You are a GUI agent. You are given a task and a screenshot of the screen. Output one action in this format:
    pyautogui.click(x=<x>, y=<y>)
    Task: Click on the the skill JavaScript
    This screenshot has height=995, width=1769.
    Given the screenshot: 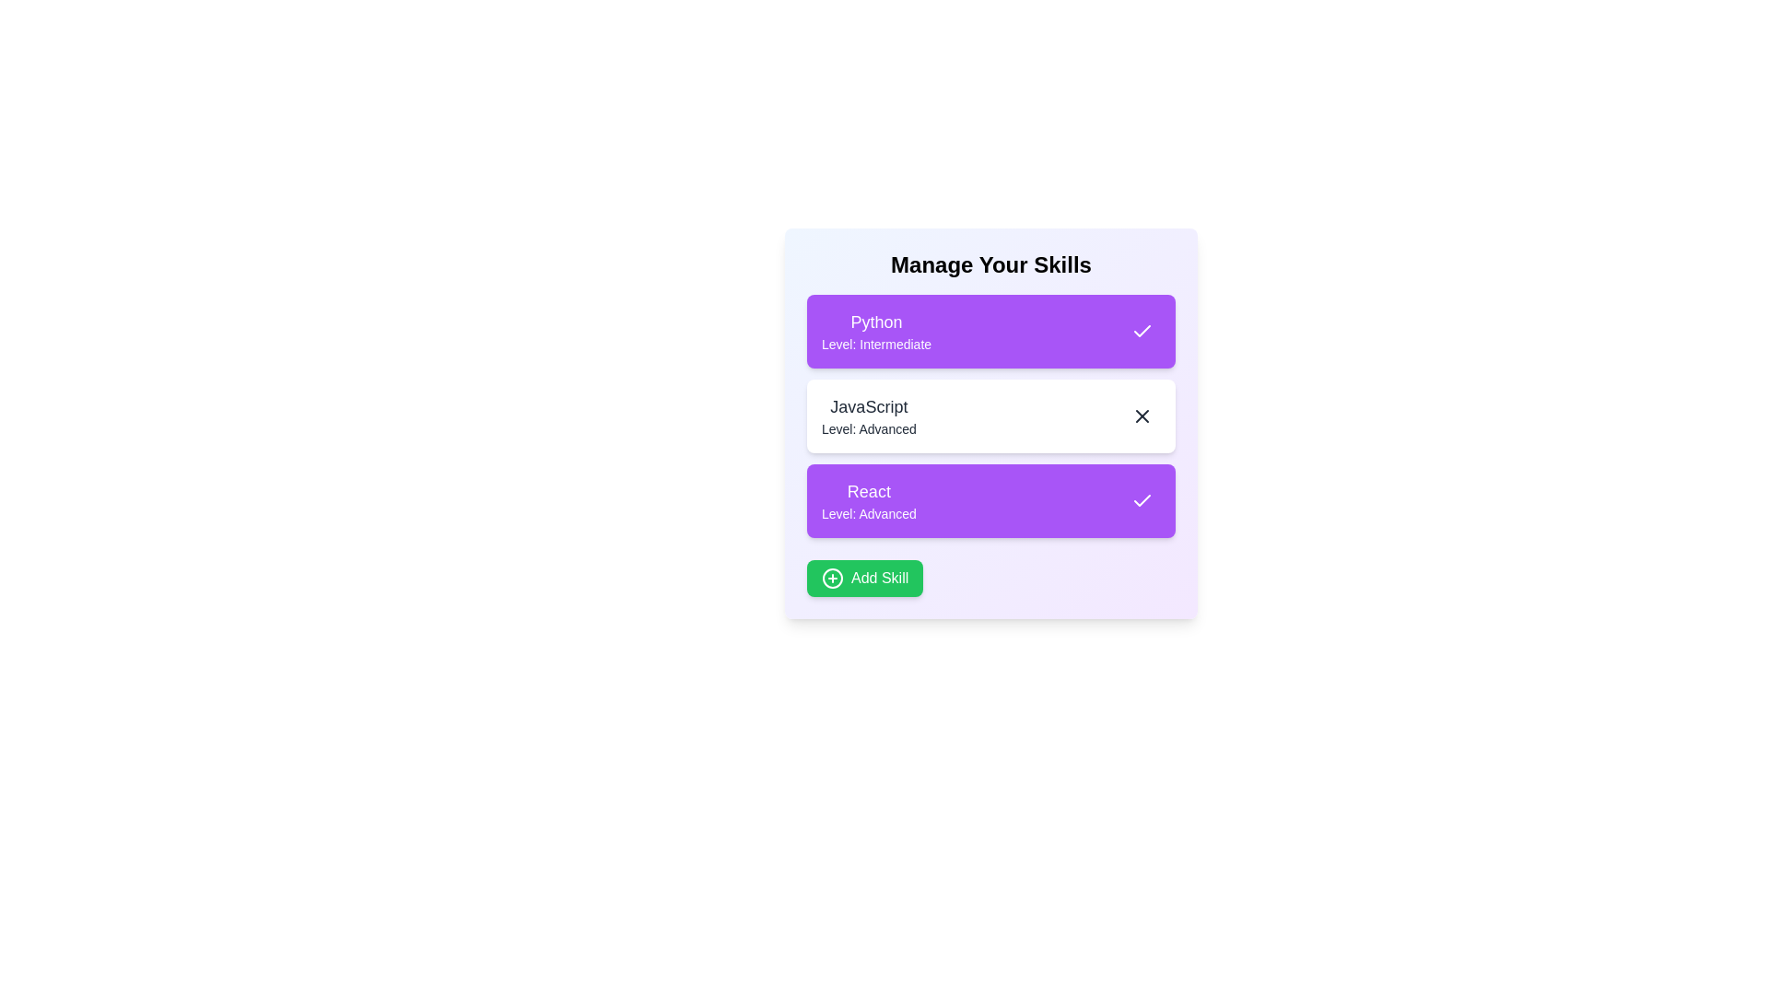 What is the action you would take?
    pyautogui.click(x=1141, y=416)
    